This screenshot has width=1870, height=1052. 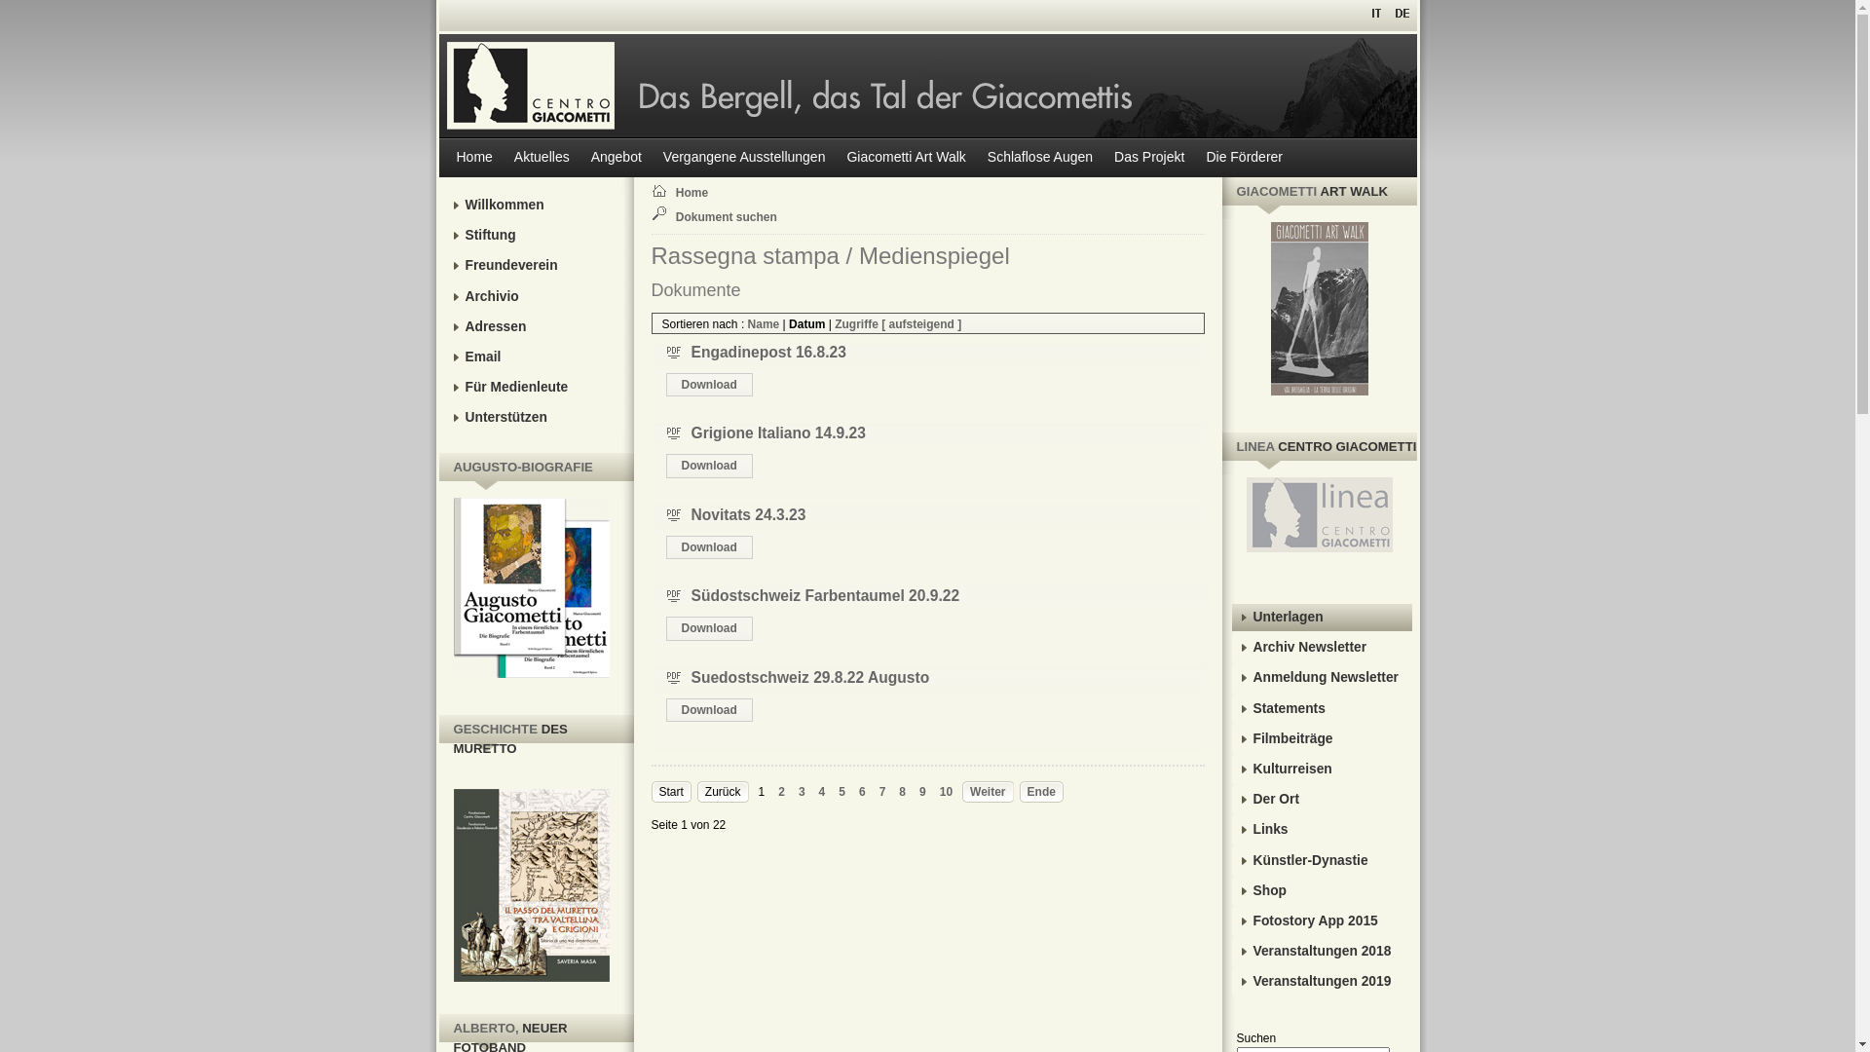 What do you see at coordinates (1321, 920) in the screenshot?
I see `'Fotostory App 2015'` at bounding box center [1321, 920].